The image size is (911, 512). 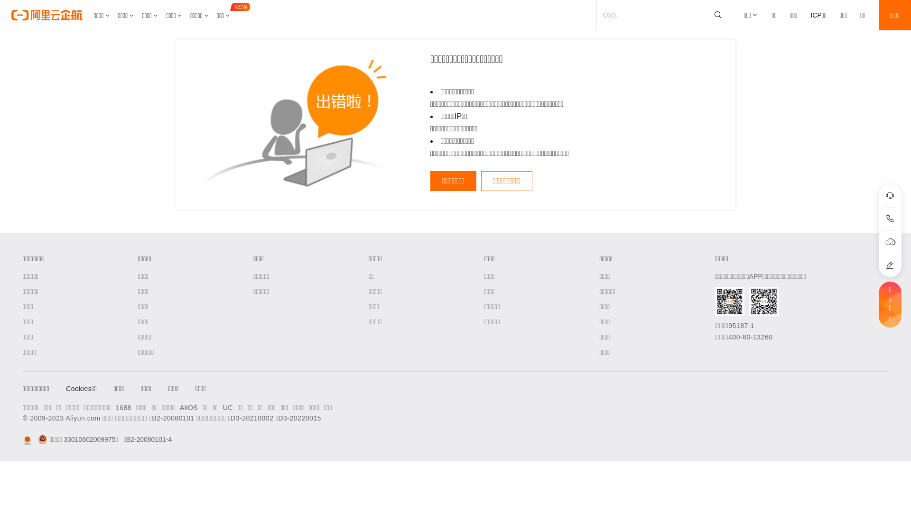 What do you see at coordinates (189, 407) in the screenshot?
I see `'AliOS'` at bounding box center [189, 407].